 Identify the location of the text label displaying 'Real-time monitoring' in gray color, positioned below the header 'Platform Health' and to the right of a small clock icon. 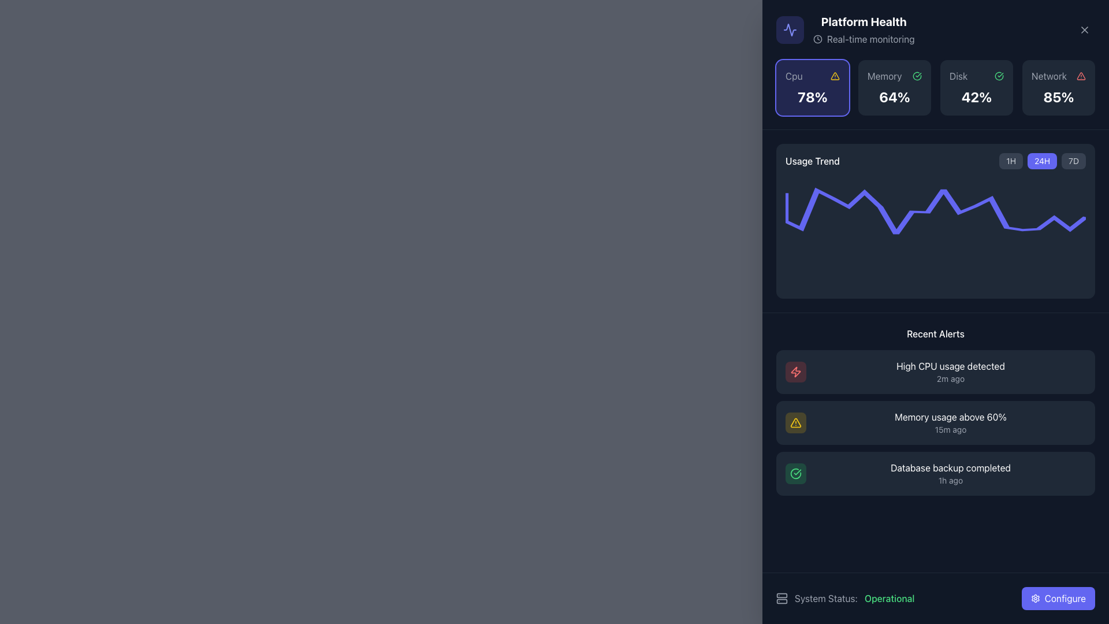
(870, 39).